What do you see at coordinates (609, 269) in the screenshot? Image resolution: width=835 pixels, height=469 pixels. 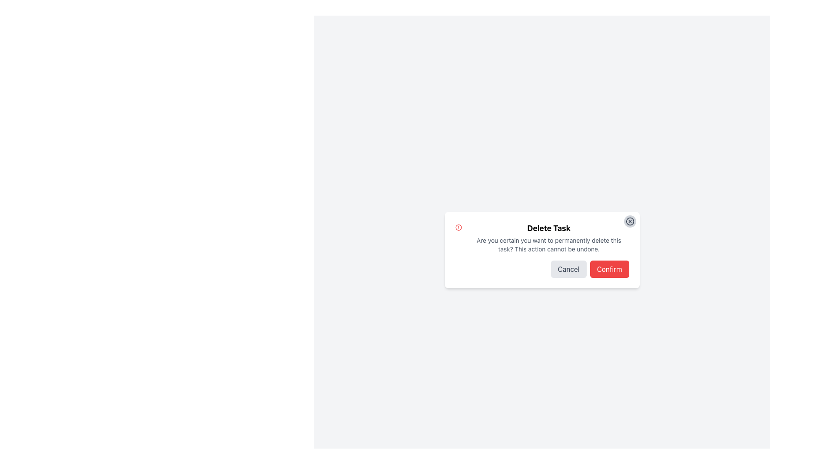 I see `the rectangular 'Confirm' button with a red background and white text in the modal dialog box` at bounding box center [609, 269].